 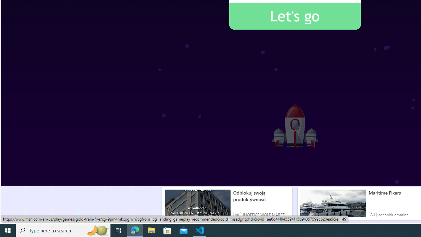 I want to click on 'oceanbluemarine', so click(x=393, y=214).